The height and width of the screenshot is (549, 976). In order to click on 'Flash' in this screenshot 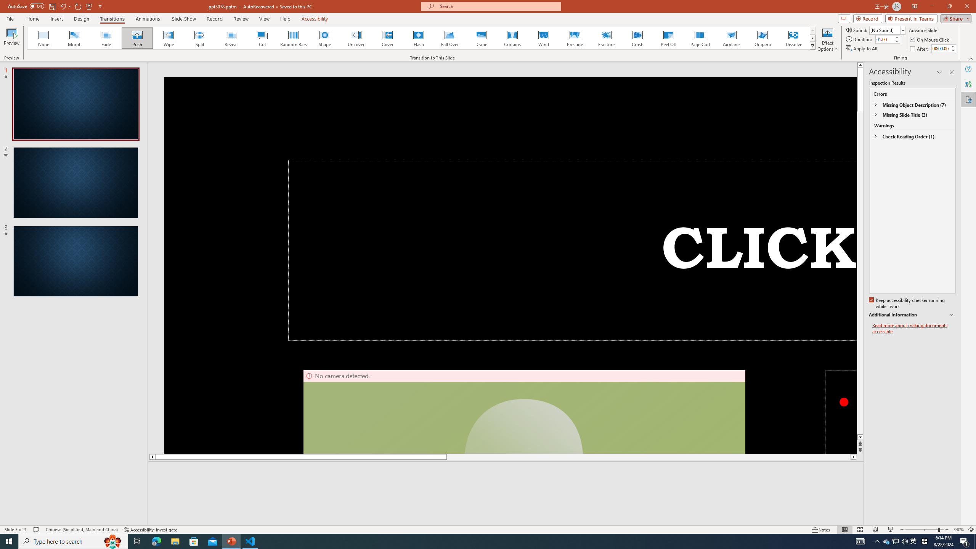, I will do `click(418, 38)`.